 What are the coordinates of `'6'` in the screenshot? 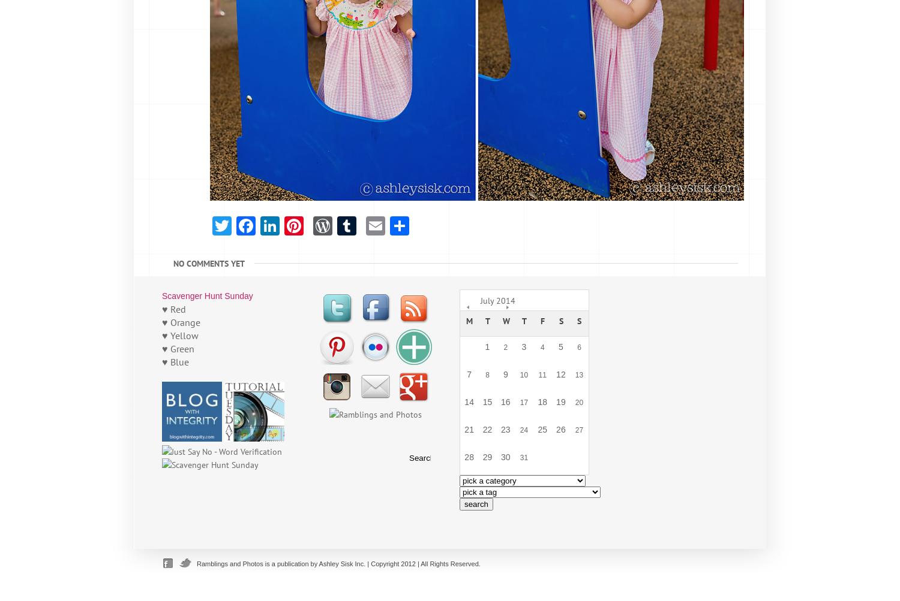 It's located at (578, 347).